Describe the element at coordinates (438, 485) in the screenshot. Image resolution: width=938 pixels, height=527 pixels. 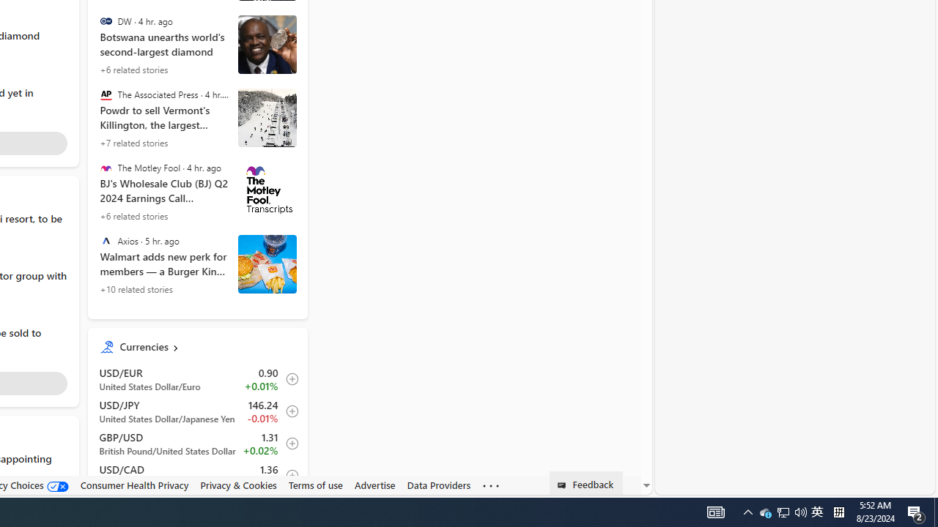
I see `'Data Providers'` at that location.